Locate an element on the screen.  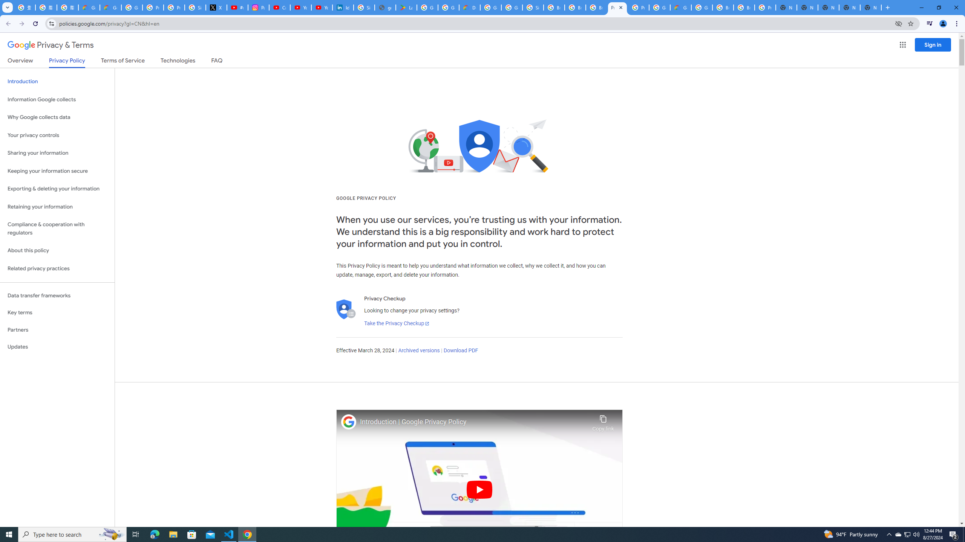
'Google Cloud Platform' is located at coordinates (659, 7).